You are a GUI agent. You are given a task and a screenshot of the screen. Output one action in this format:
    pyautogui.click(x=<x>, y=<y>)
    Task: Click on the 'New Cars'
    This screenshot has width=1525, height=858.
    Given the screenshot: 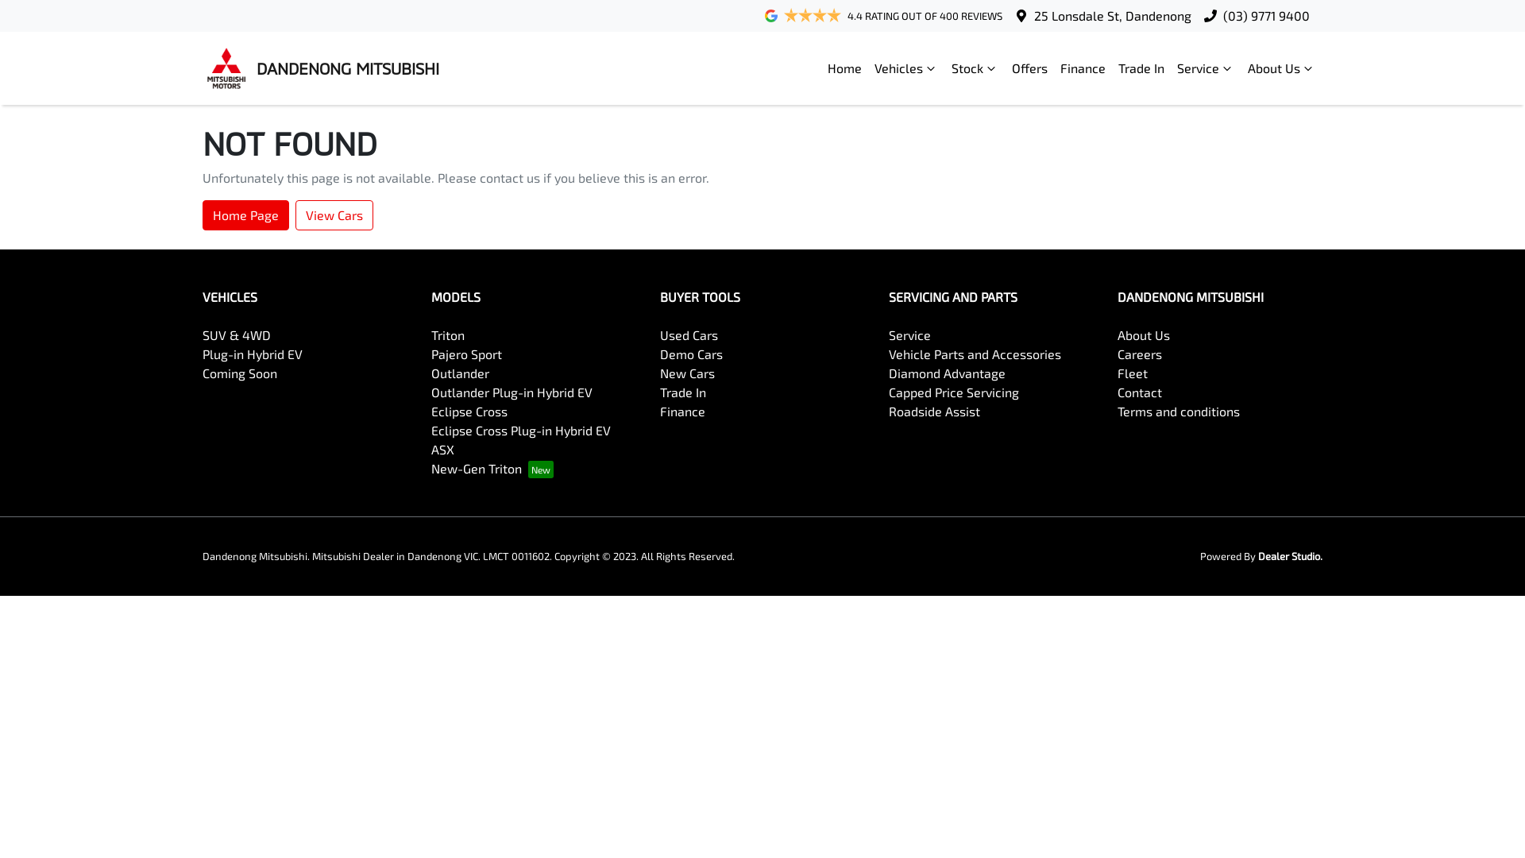 What is the action you would take?
    pyautogui.click(x=687, y=373)
    